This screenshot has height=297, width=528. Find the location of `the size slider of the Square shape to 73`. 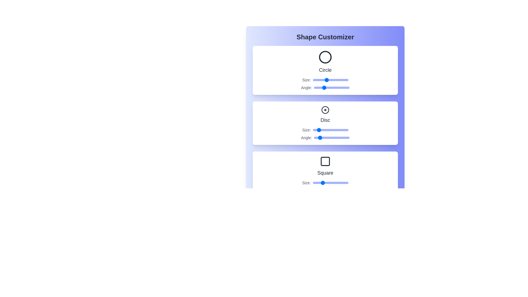

the size slider of the Square shape to 73 is located at coordinates (336, 183).